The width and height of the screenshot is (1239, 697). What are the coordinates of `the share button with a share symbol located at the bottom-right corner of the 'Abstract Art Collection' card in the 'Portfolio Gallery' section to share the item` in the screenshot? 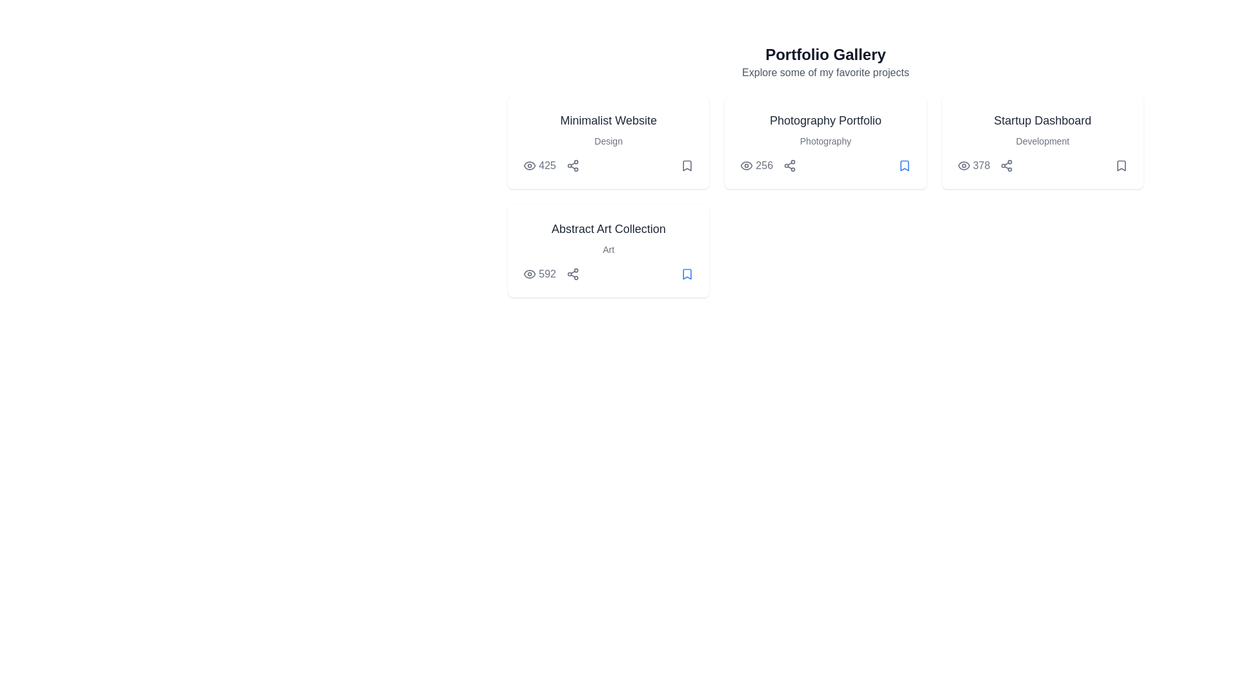 It's located at (572, 273).